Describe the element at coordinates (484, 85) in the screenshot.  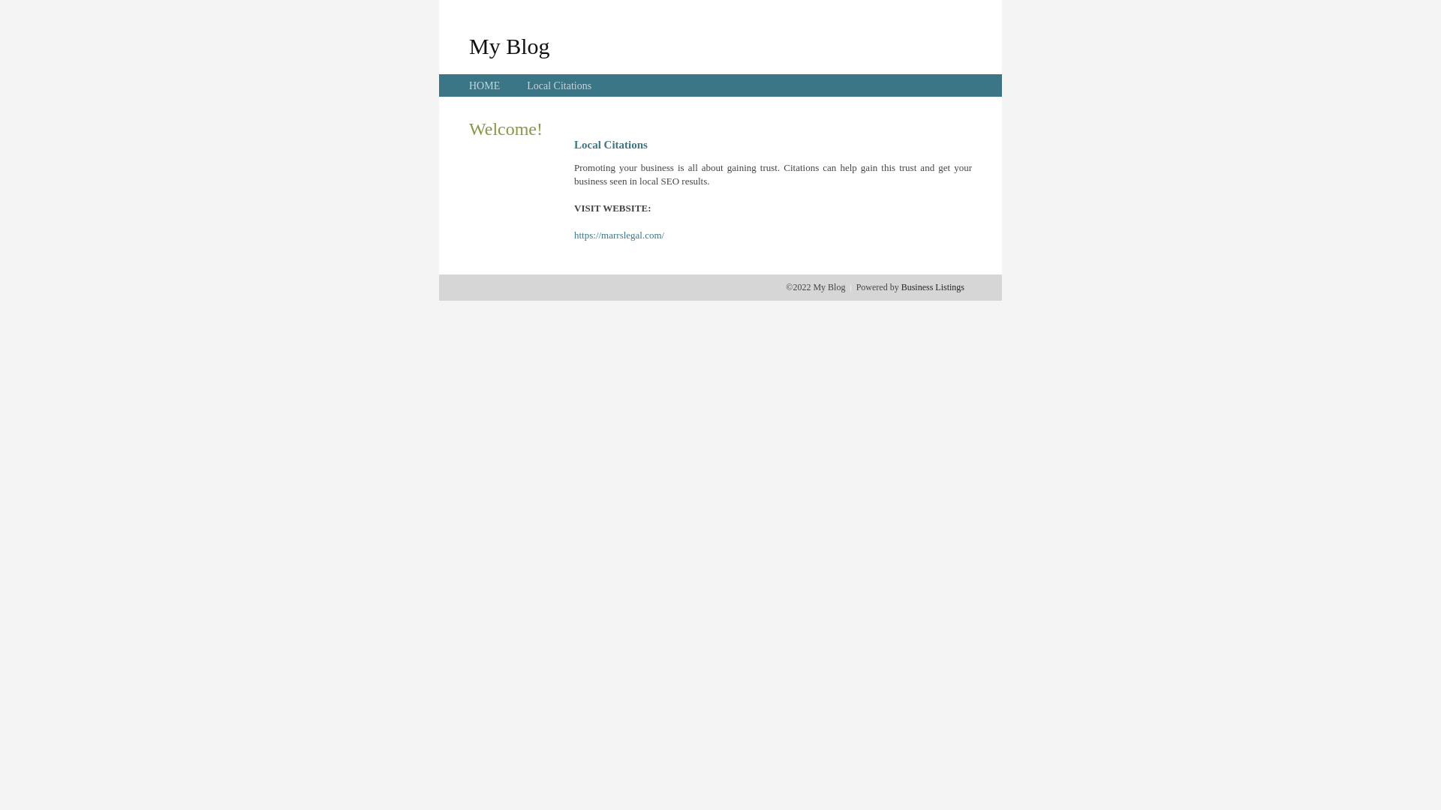
I see `'HOME'` at that location.